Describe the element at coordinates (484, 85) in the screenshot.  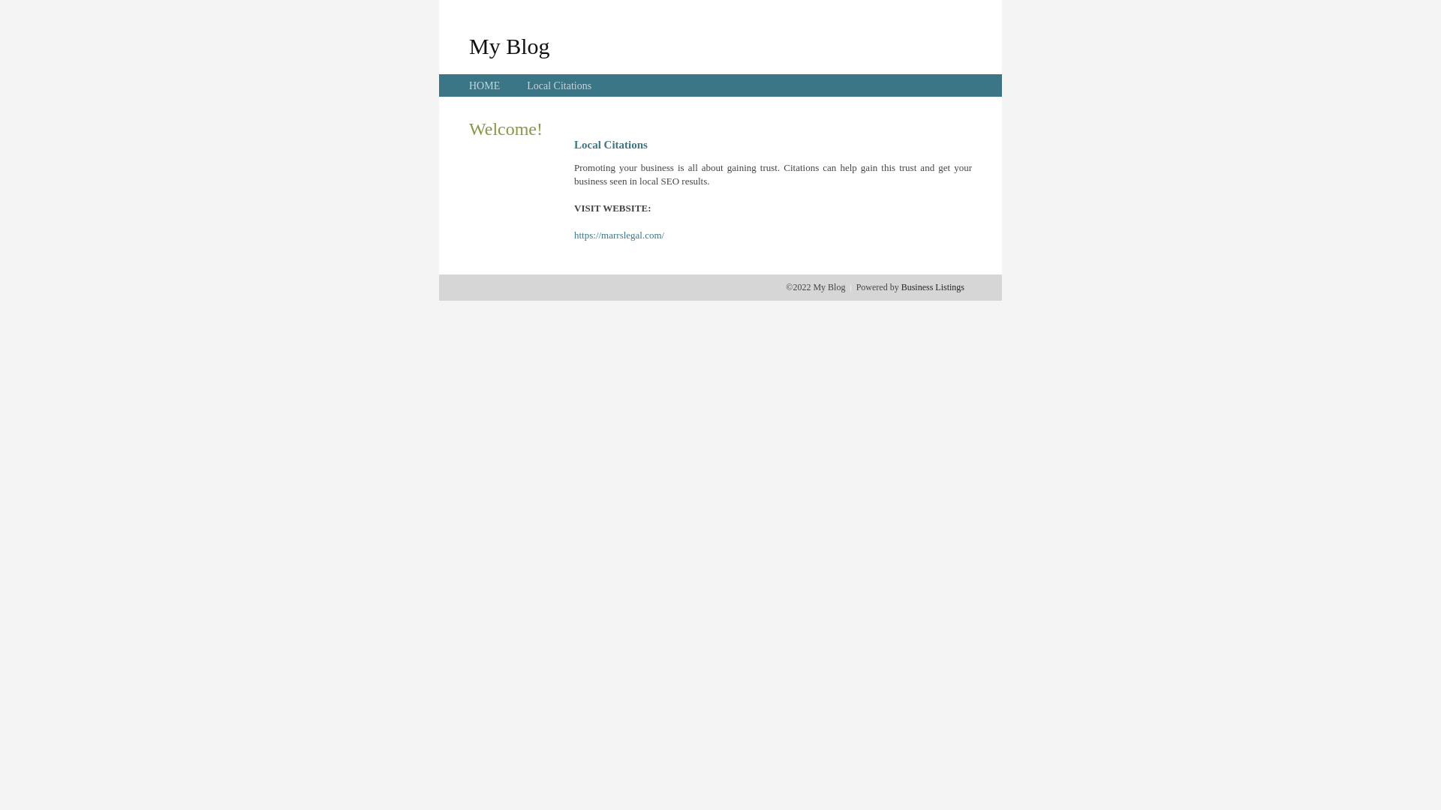
I see `'HOME'` at that location.